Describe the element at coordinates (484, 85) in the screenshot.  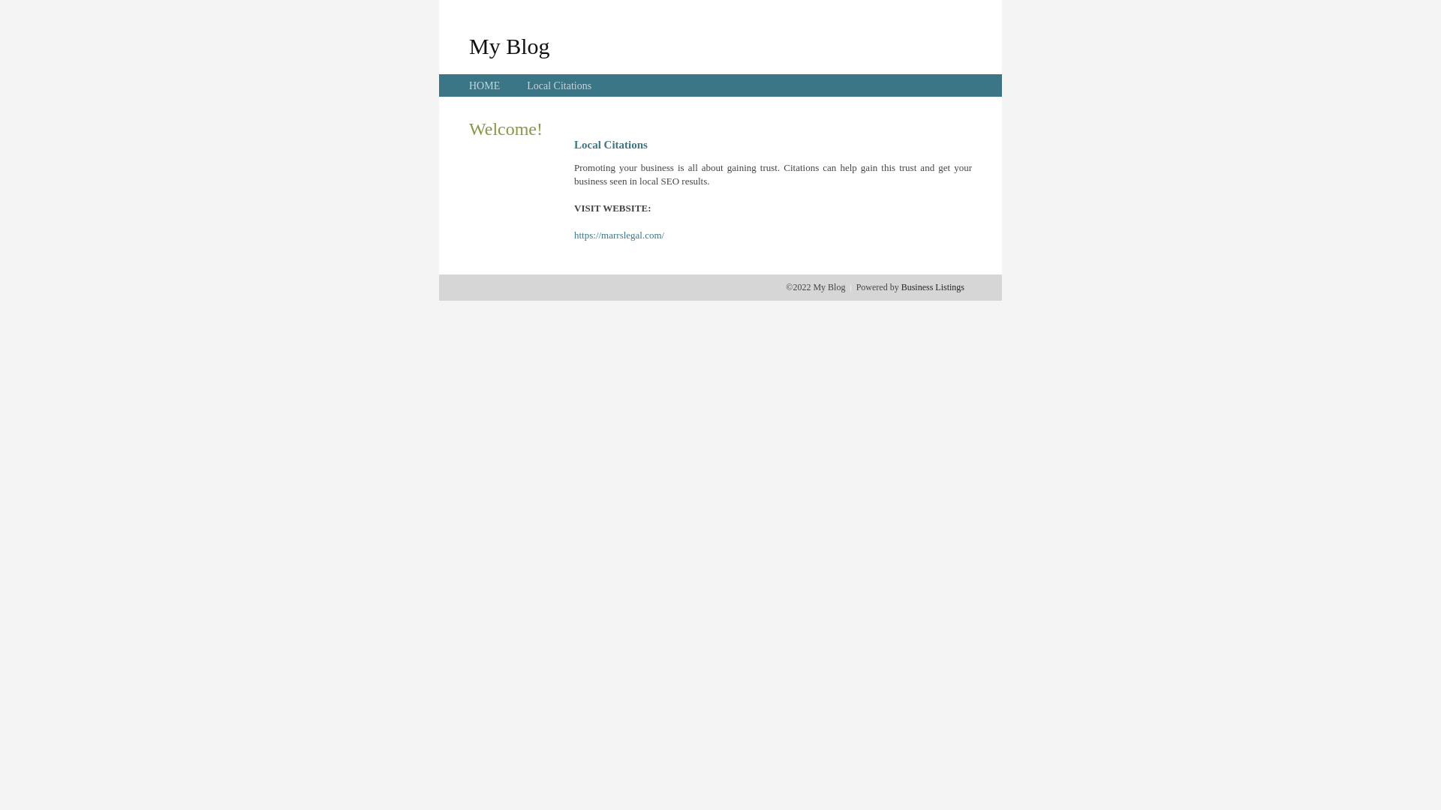
I see `'HOME'` at that location.